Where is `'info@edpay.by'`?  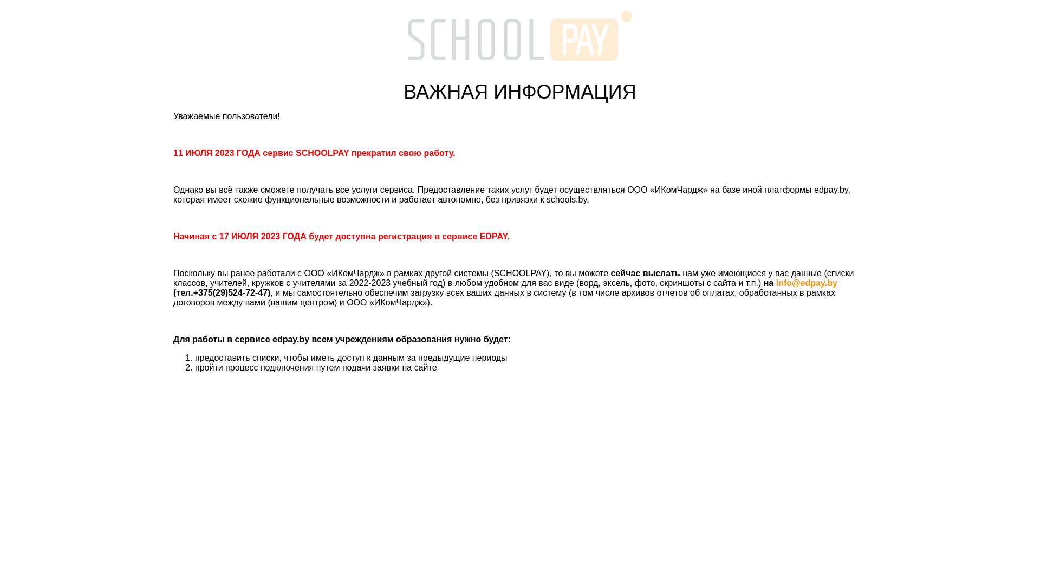 'info@edpay.by' is located at coordinates (807, 282).